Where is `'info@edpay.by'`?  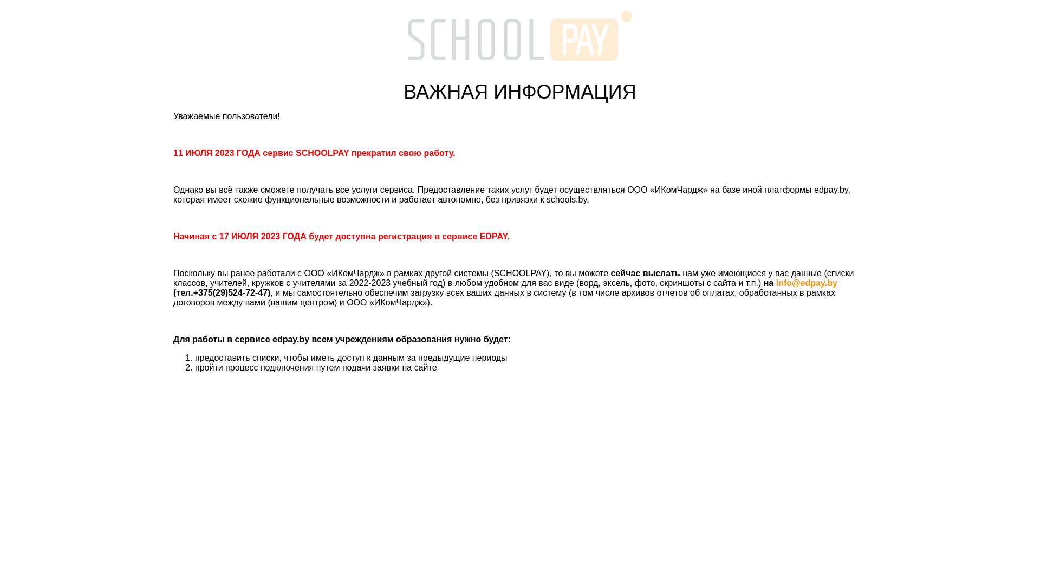 'info@edpay.by' is located at coordinates (807, 282).